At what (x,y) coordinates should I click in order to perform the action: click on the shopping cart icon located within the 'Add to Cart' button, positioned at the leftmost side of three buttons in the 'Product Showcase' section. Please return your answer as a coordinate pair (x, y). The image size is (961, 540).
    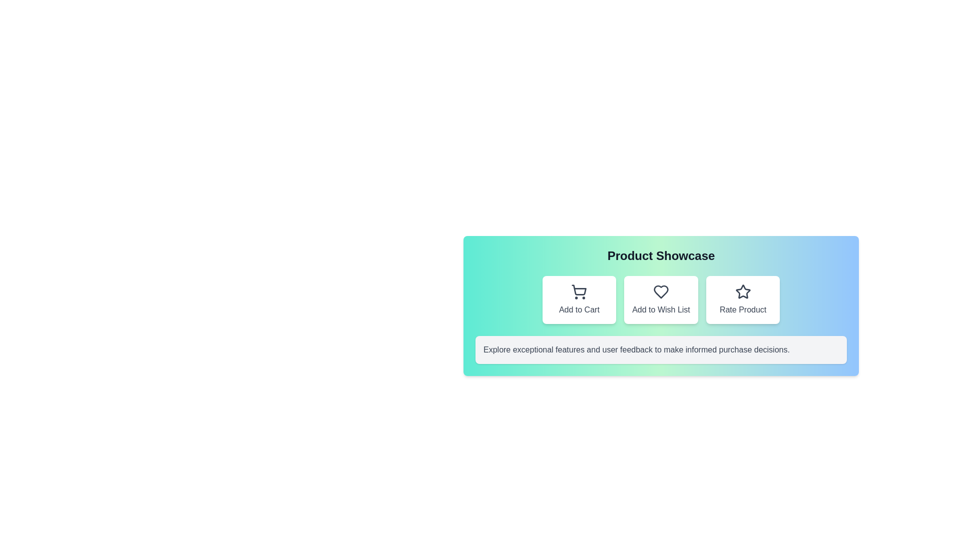
    Looking at the image, I should click on (579, 291).